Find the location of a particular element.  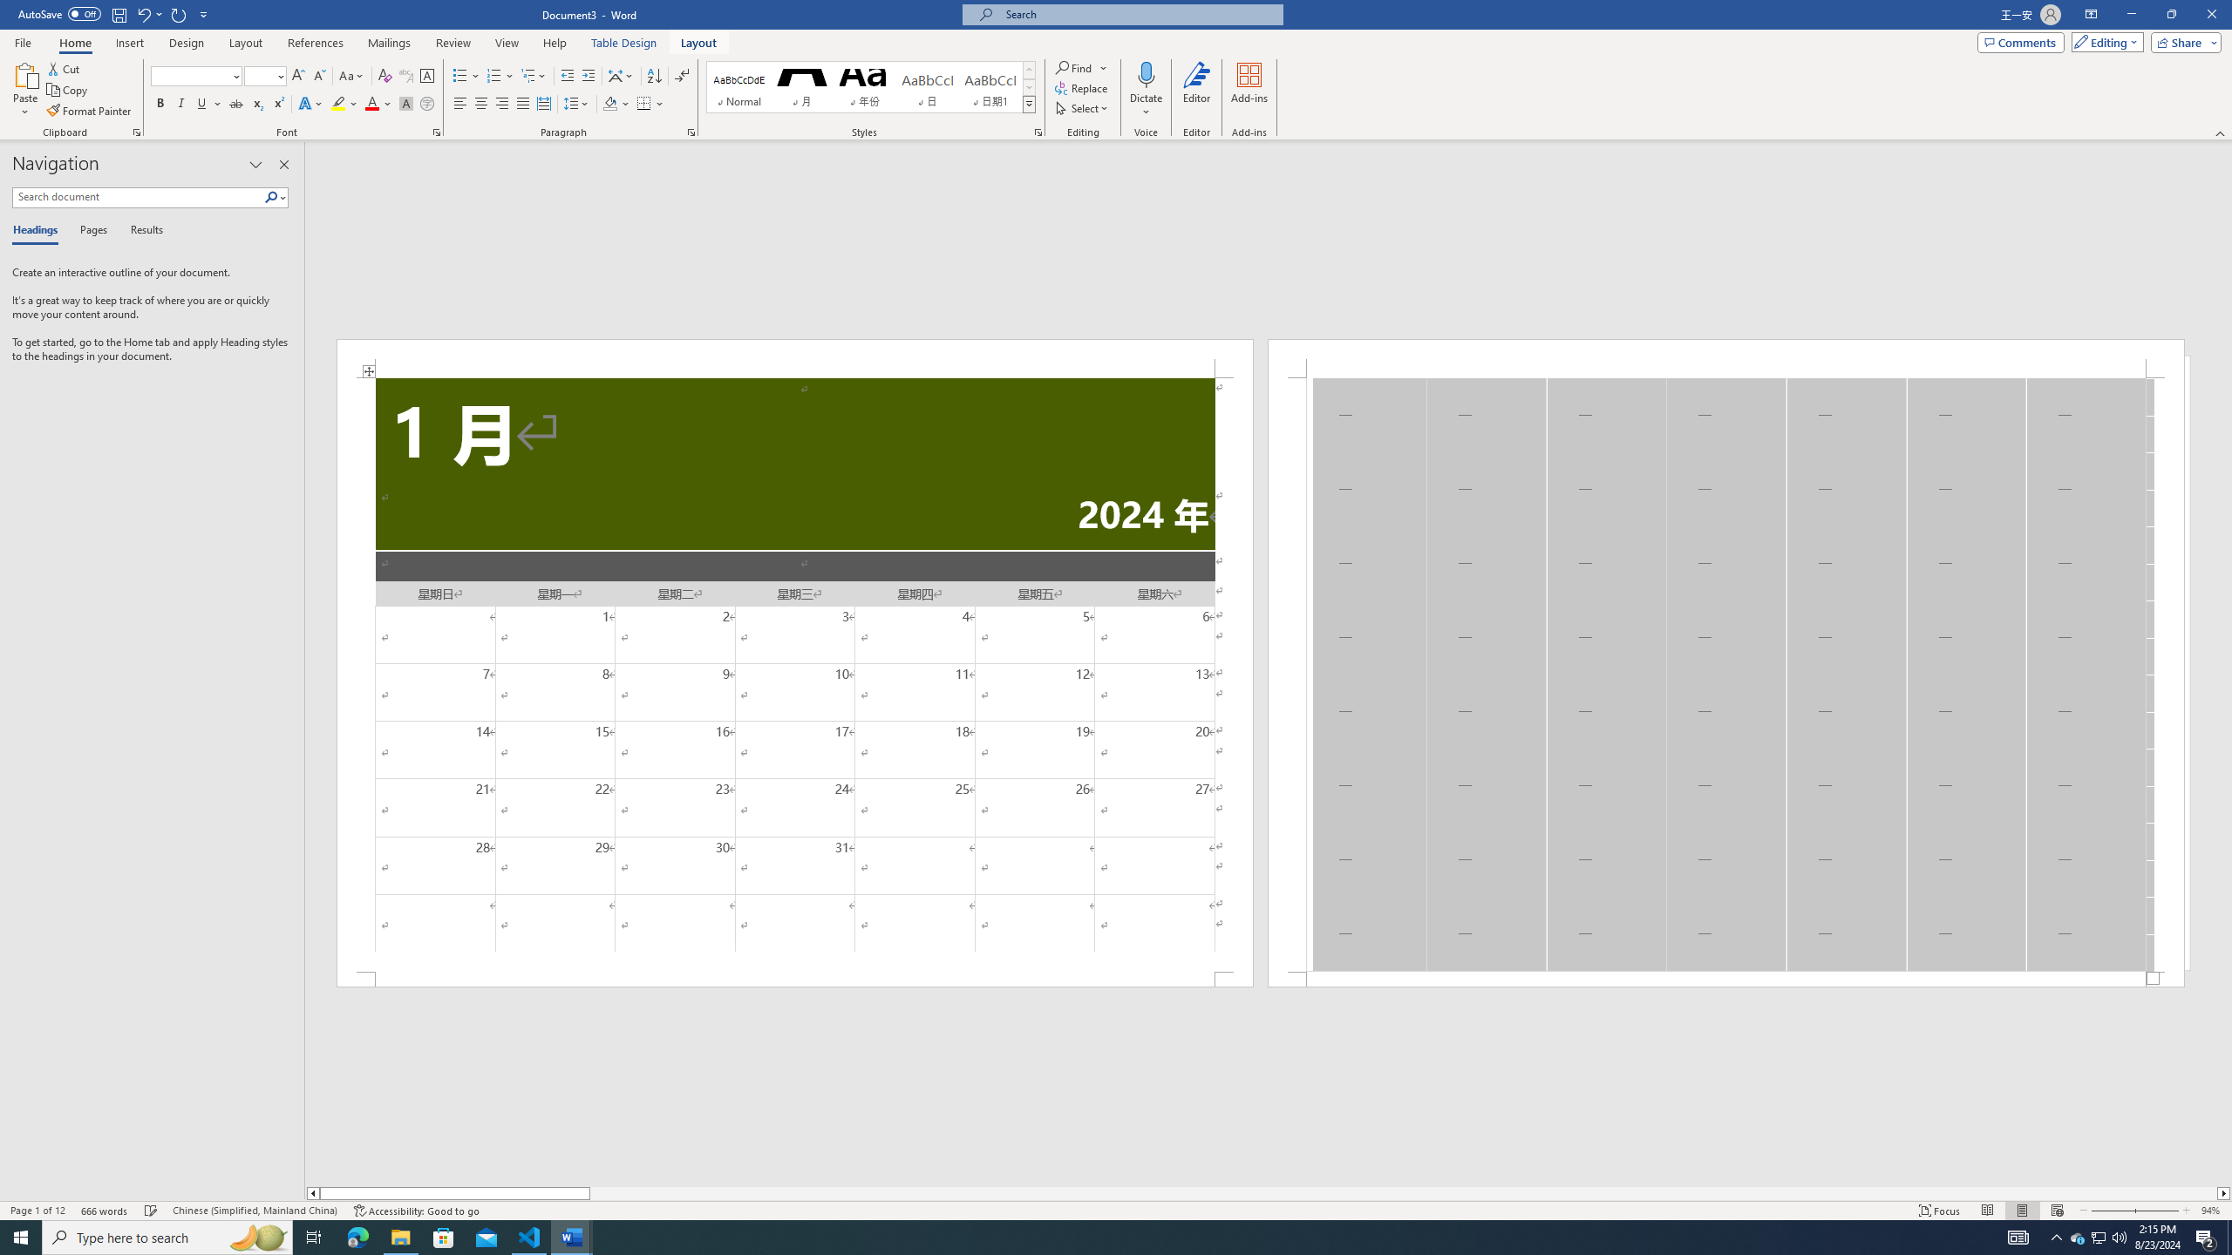

'Accessibility Checker Accessibility: Good to go' is located at coordinates (415, 1211).